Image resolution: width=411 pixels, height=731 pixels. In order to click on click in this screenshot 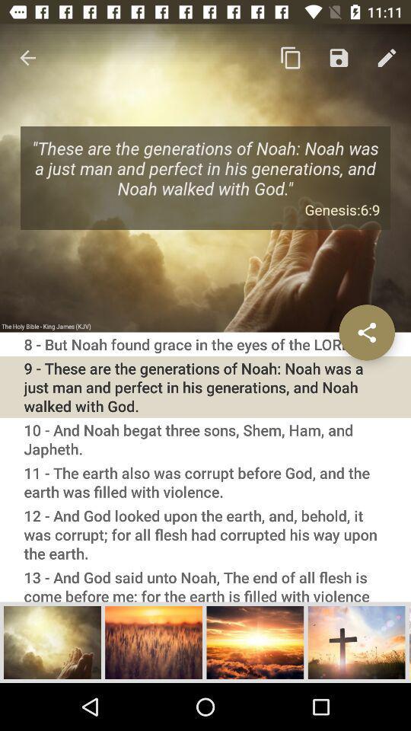, I will do `click(356, 641)`.